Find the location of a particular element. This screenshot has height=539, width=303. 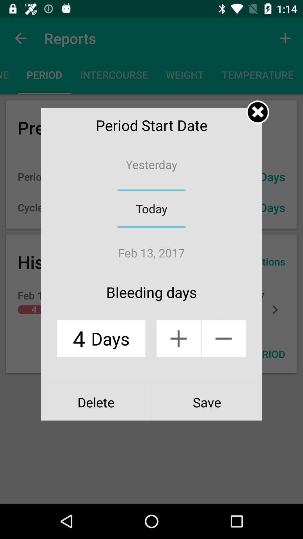

reduce number of days is located at coordinates (223, 338).